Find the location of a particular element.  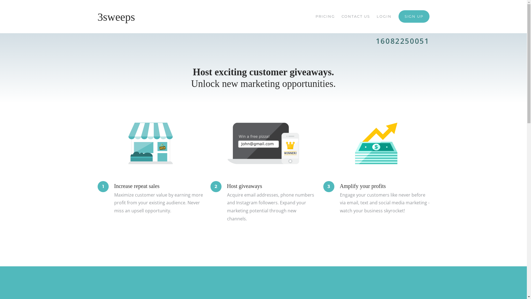

'16082250051' is located at coordinates (402, 40).